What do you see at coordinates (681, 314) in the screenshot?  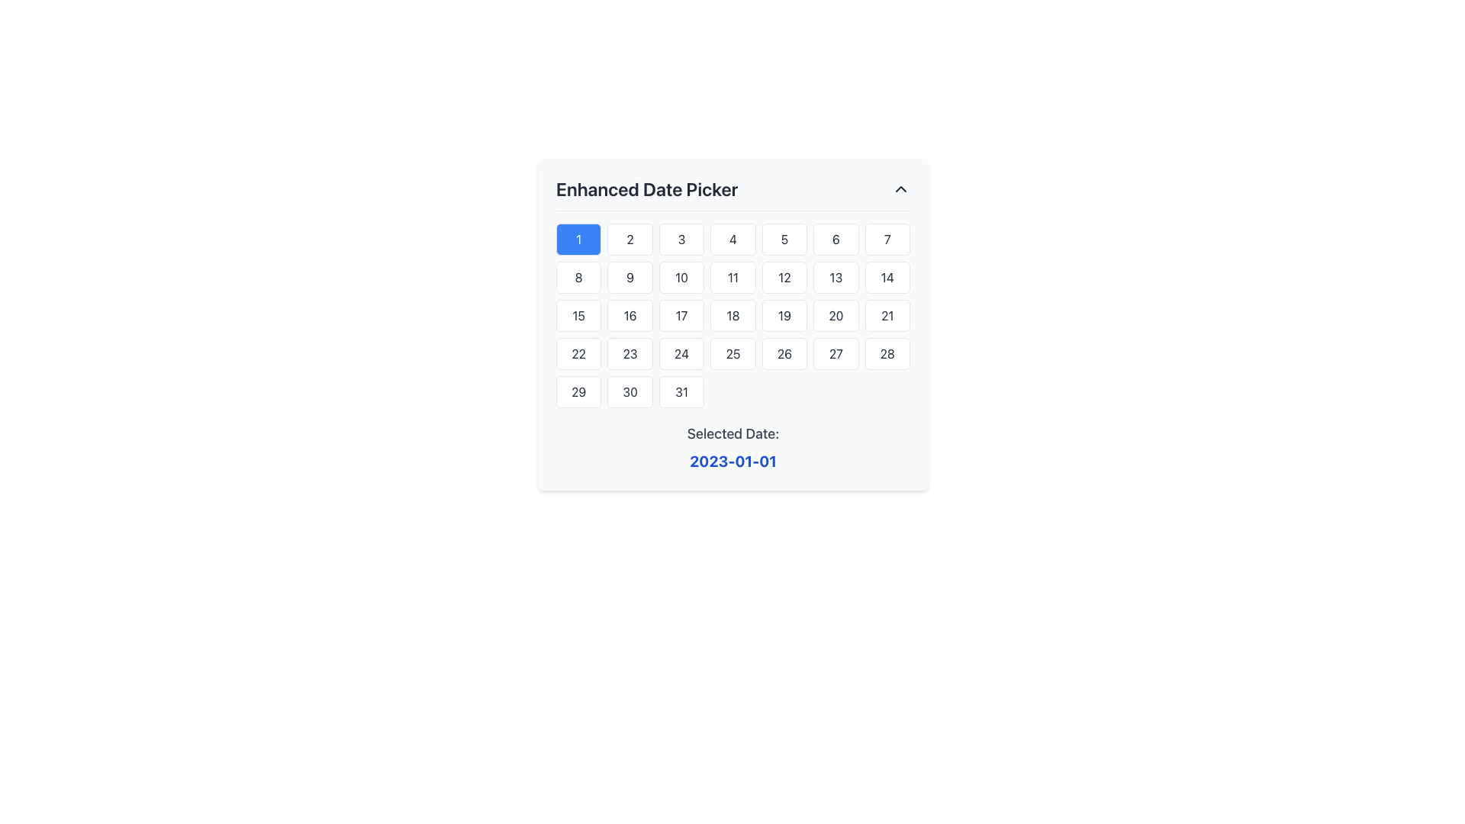 I see `the button representing the date '17'` at bounding box center [681, 314].